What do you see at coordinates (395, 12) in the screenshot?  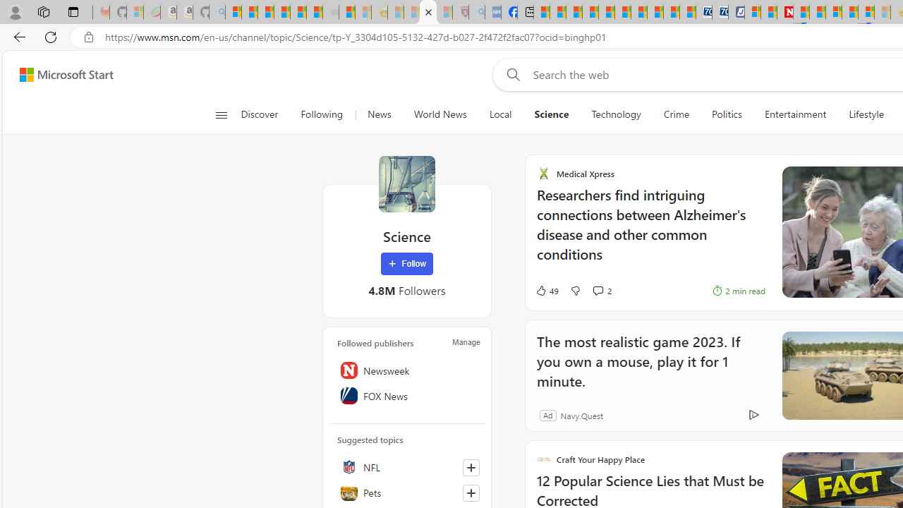 I see `'Recipes - MSN - Sleeping'` at bounding box center [395, 12].